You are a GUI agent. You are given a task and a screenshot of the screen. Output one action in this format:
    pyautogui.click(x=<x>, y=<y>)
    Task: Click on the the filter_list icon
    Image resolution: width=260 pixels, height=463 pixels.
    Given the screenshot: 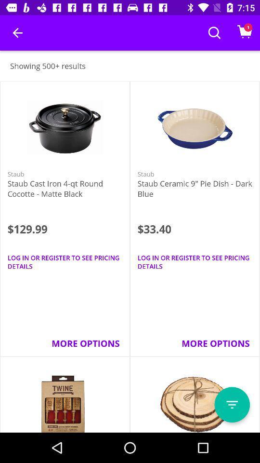 What is the action you would take?
    pyautogui.click(x=232, y=405)
    